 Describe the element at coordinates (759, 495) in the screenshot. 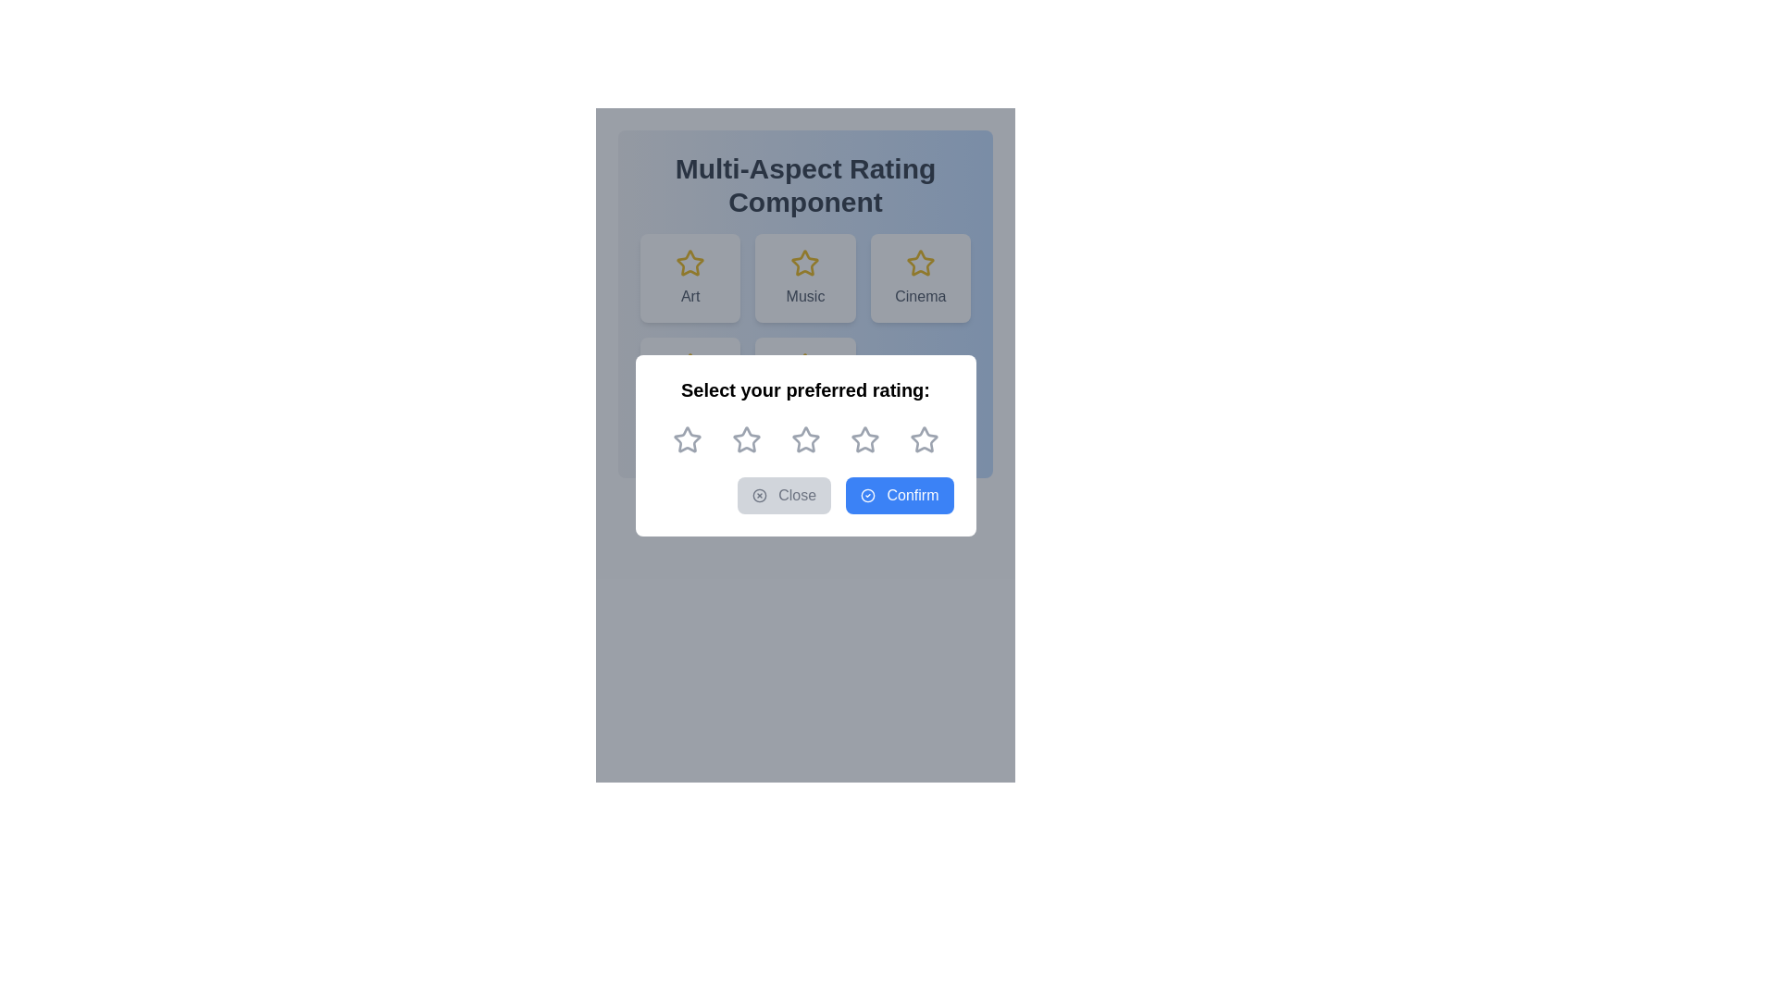

I see `the Circle SVG element located at the top-right of the section featuring action buttons labeled 'Close' and 'Confirm'` at that location.